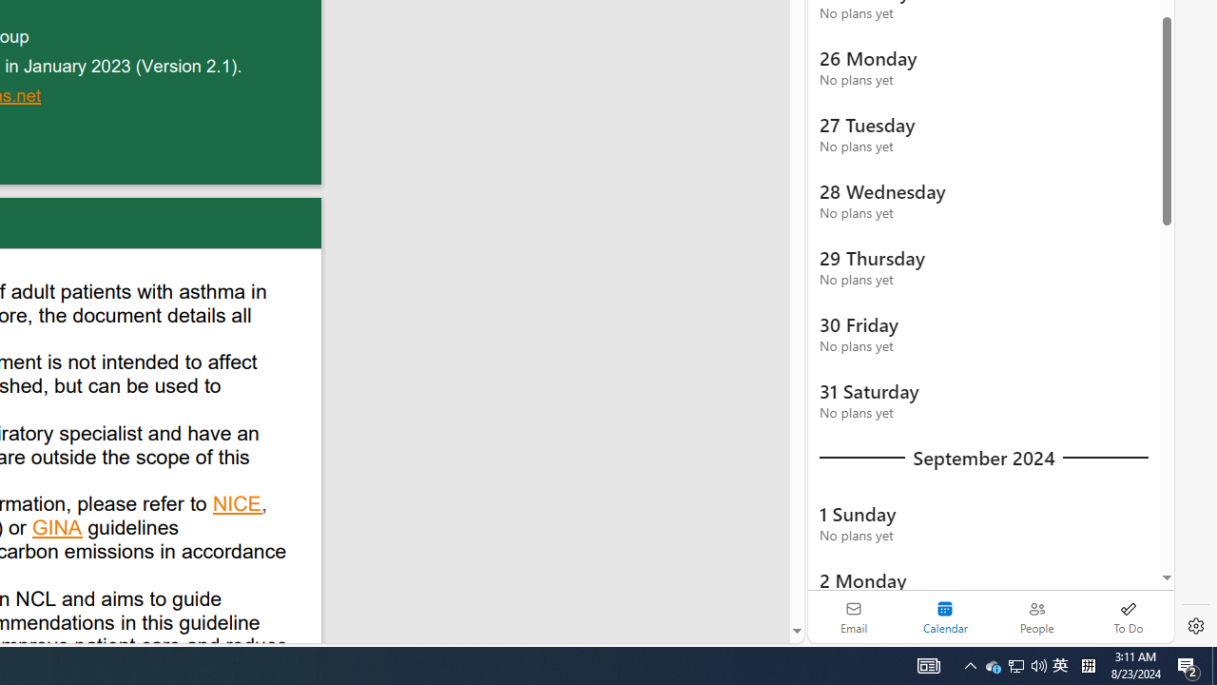  What do you see at coordinates (853, 616) in the screenshot?
I see `'Email'` at bounding box center [853, 616].